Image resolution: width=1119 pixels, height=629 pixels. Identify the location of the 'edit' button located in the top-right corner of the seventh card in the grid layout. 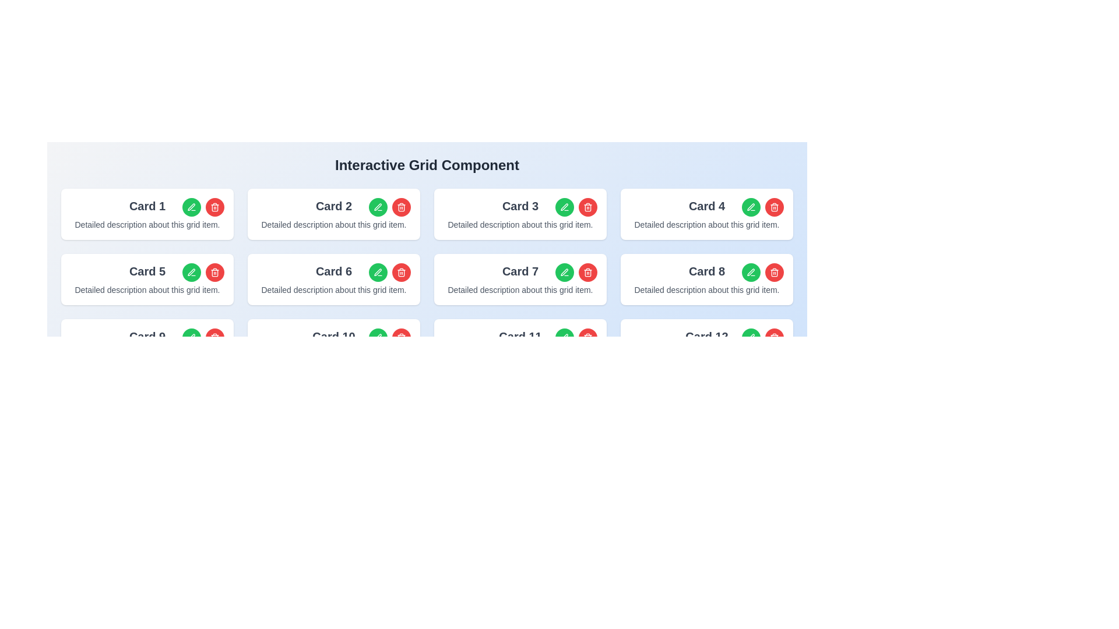
(564, 272).